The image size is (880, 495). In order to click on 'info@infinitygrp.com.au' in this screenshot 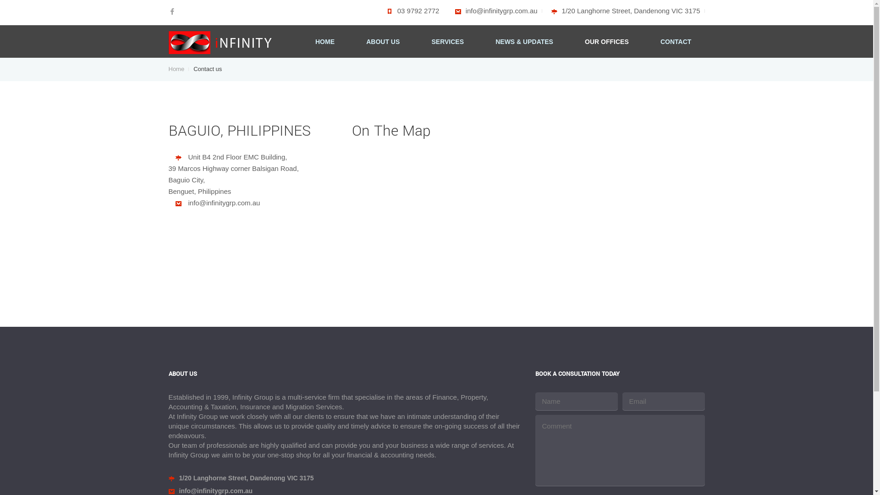, I will do `click(496, 11)`.